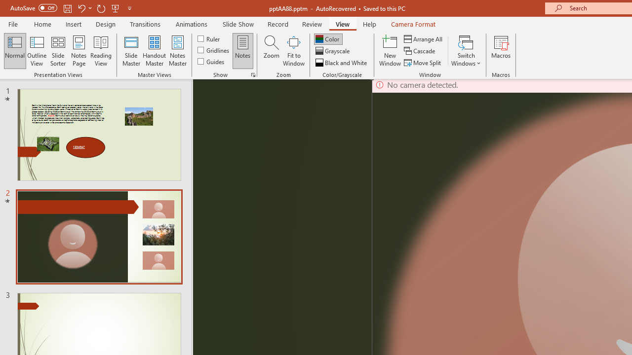 This screenshot has height=355, width=632. I want to click on 'Cascade', so click(420, 51).